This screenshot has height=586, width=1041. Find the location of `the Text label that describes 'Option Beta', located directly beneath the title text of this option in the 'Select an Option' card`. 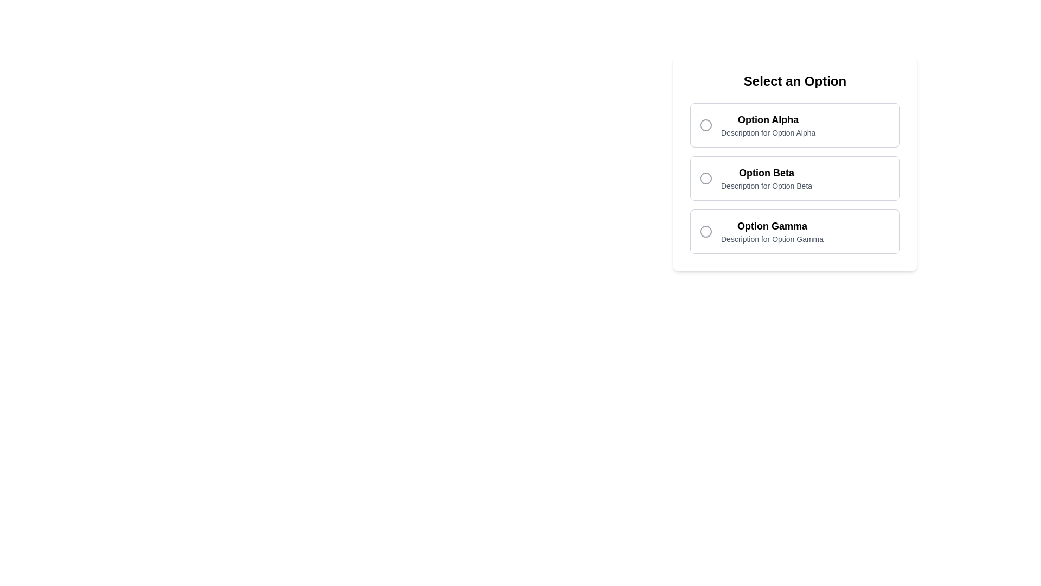

the Text label that describes 'Option Beta', located directly beneath the title text of this option in the 'Select an Option' card is located at coordinates (766, 186).